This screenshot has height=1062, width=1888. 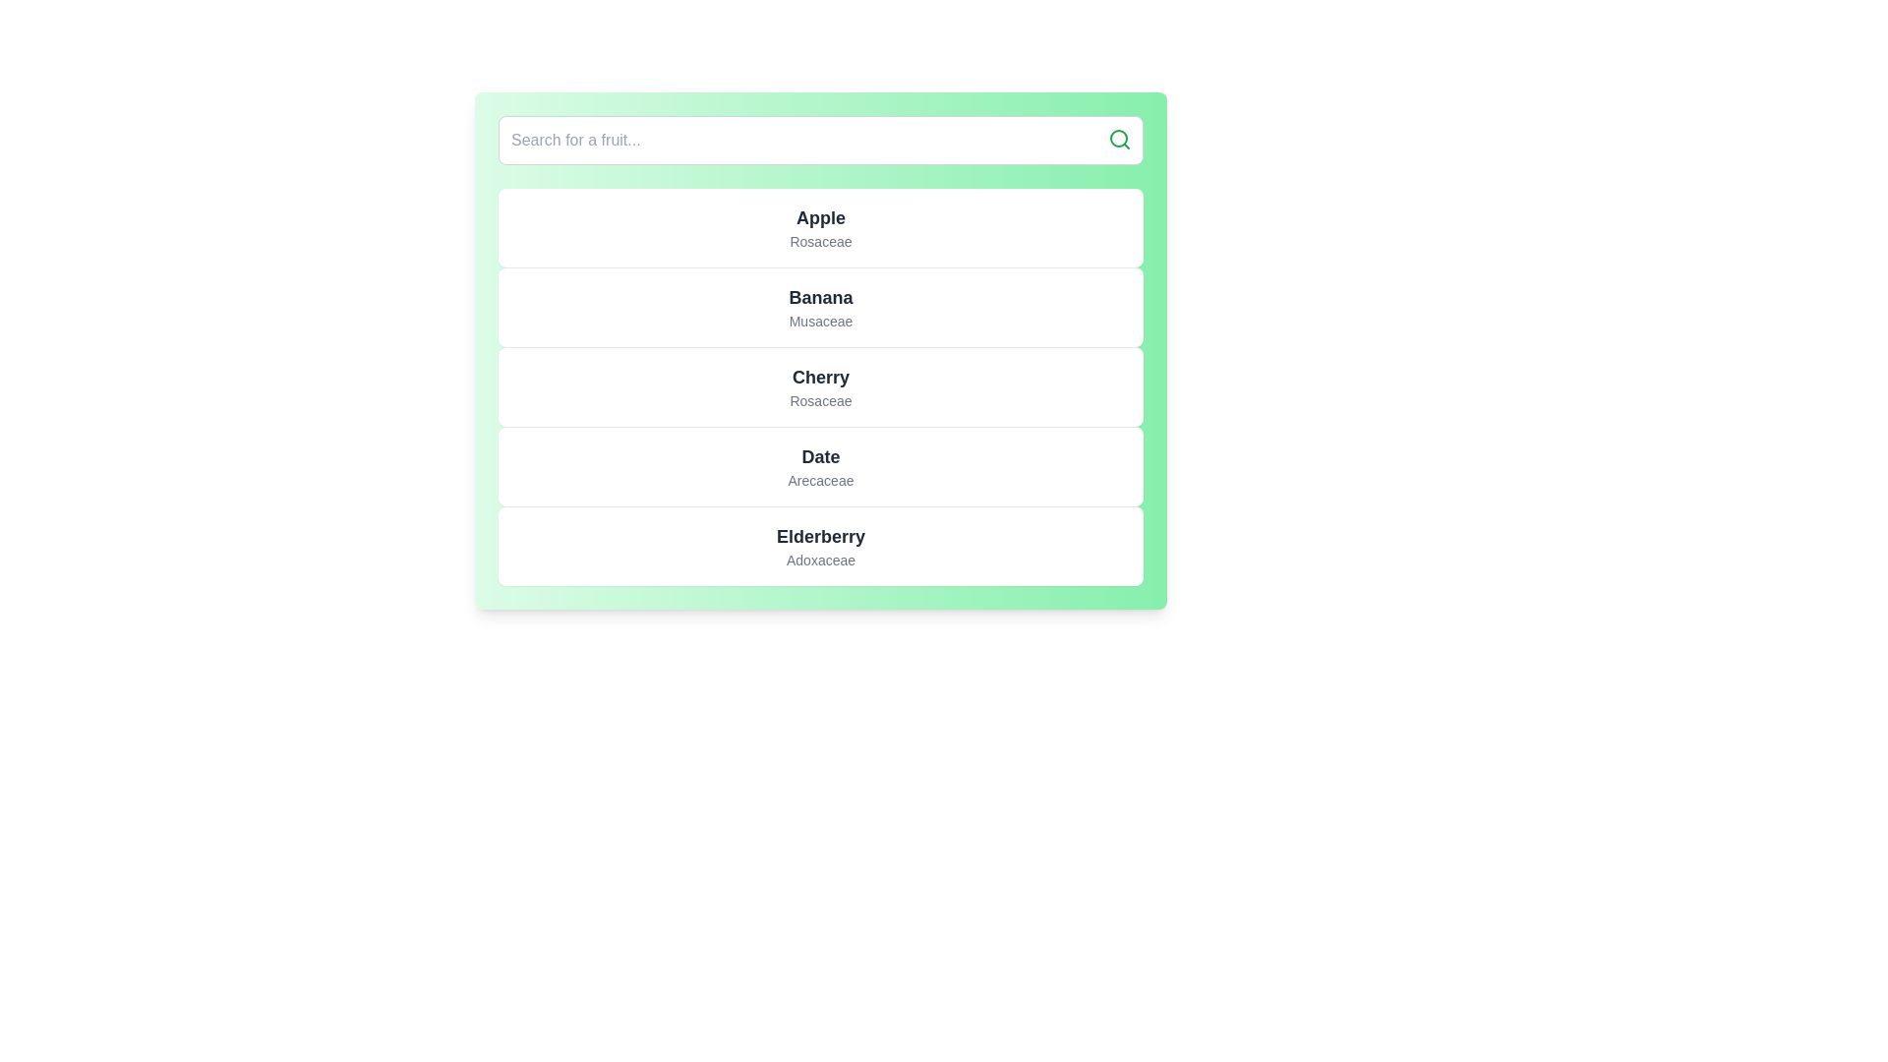 What do you see at coordinates (821, 218) in the screenshot?
I see `text label that displays 'Apple', styled in large, bold dark gray font, located at the top of a clickable card-like item` at bounding box center [821, 218].